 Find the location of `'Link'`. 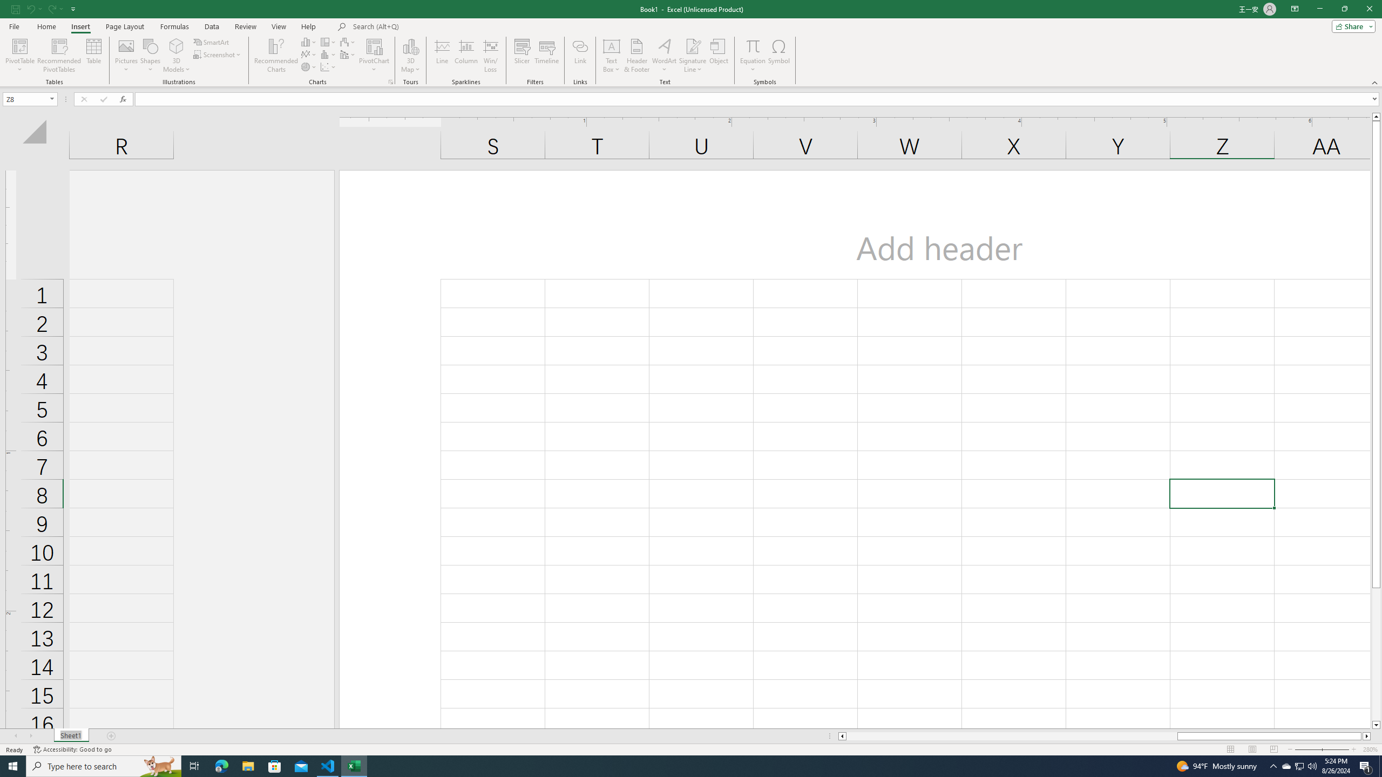

'Link' is located at coordinates (580, 56).